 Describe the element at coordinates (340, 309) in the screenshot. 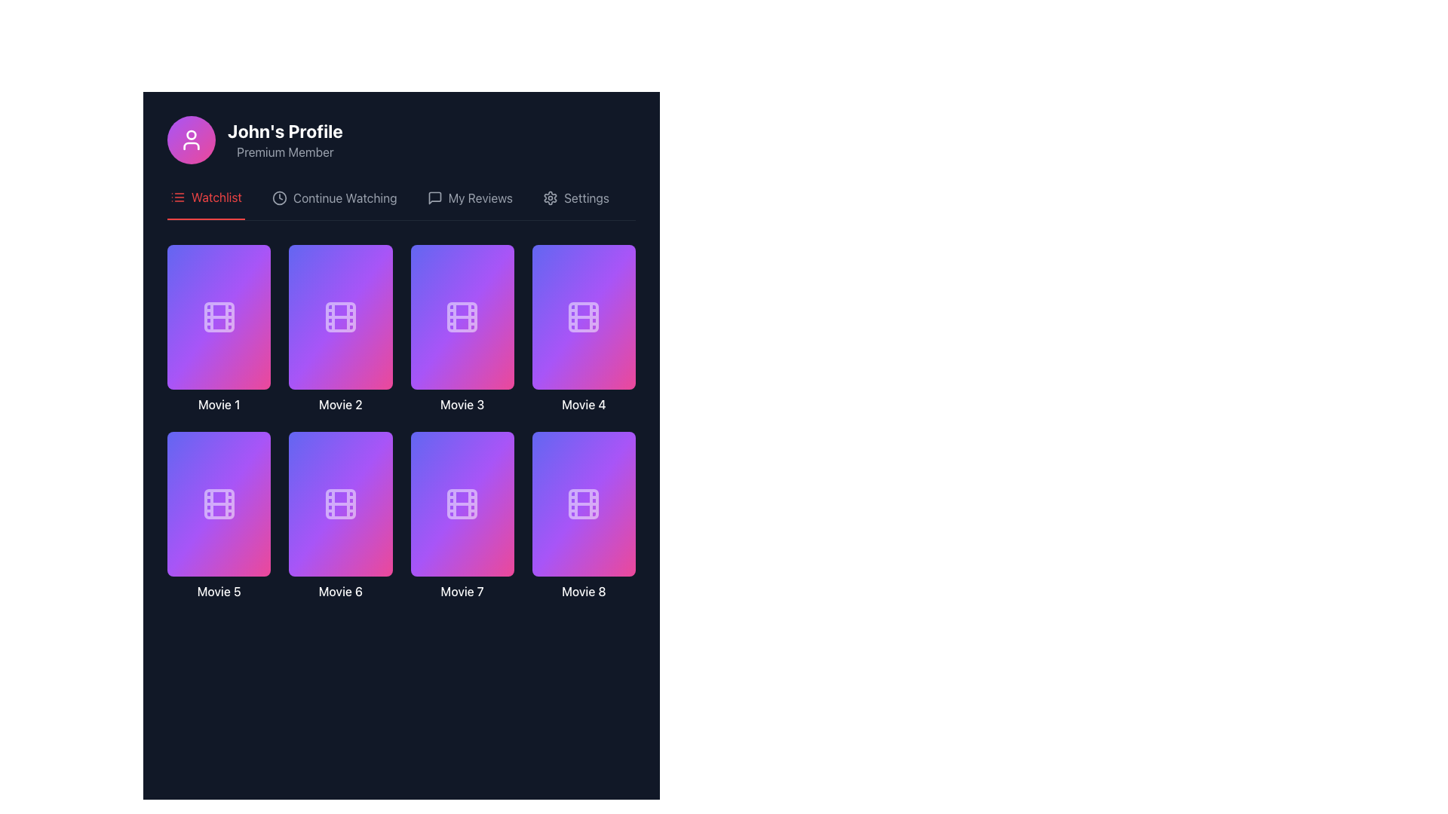

I see `the triangular-shaped 'Play' icon, which is white with a purple-pink gradient outline, centered in the second movie card representing 'Movie 2'` at that location.